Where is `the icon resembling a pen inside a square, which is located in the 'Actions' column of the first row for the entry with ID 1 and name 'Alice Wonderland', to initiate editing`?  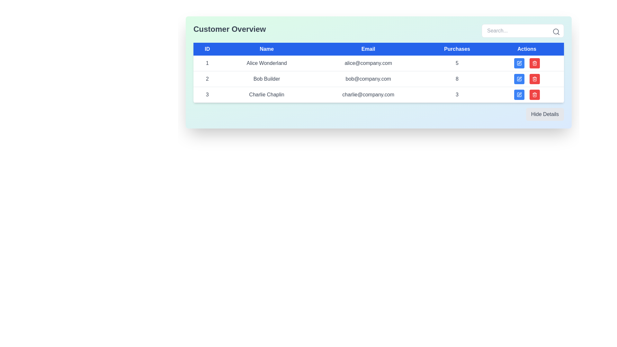
the icon resembling a pen inside a square, which is located in the 'Actions' column of the first row for the entry with ID 1 and name 'Alice Wonderland', to initiate editing is located at coordinates (519, 63).